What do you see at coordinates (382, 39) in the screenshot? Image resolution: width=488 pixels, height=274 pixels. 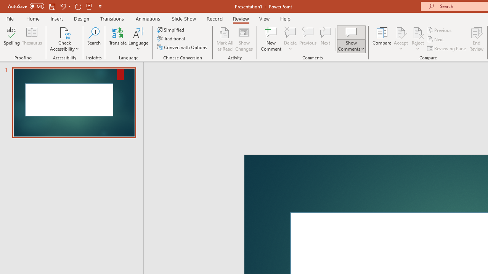 I see `'Compare'` at bounding box center [382, 39].